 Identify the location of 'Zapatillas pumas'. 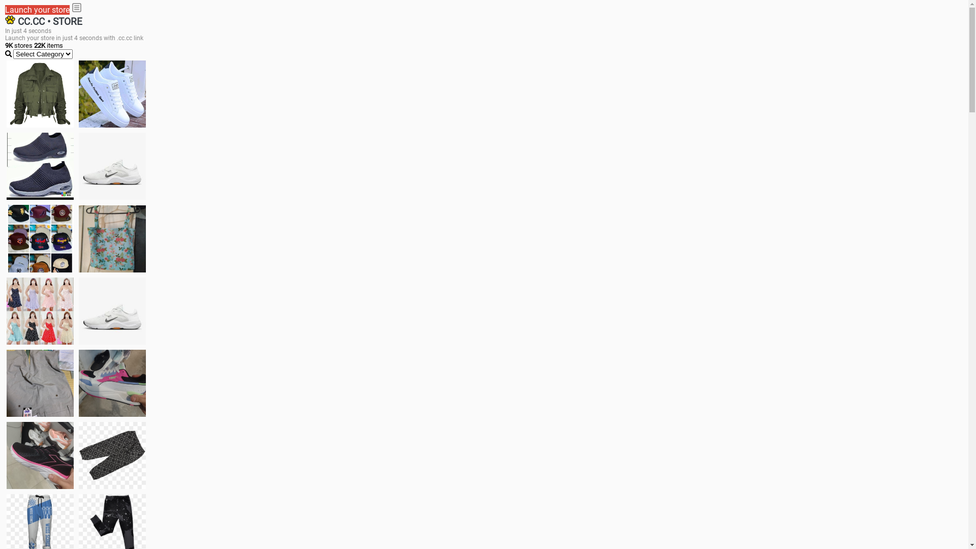
(112, 383).